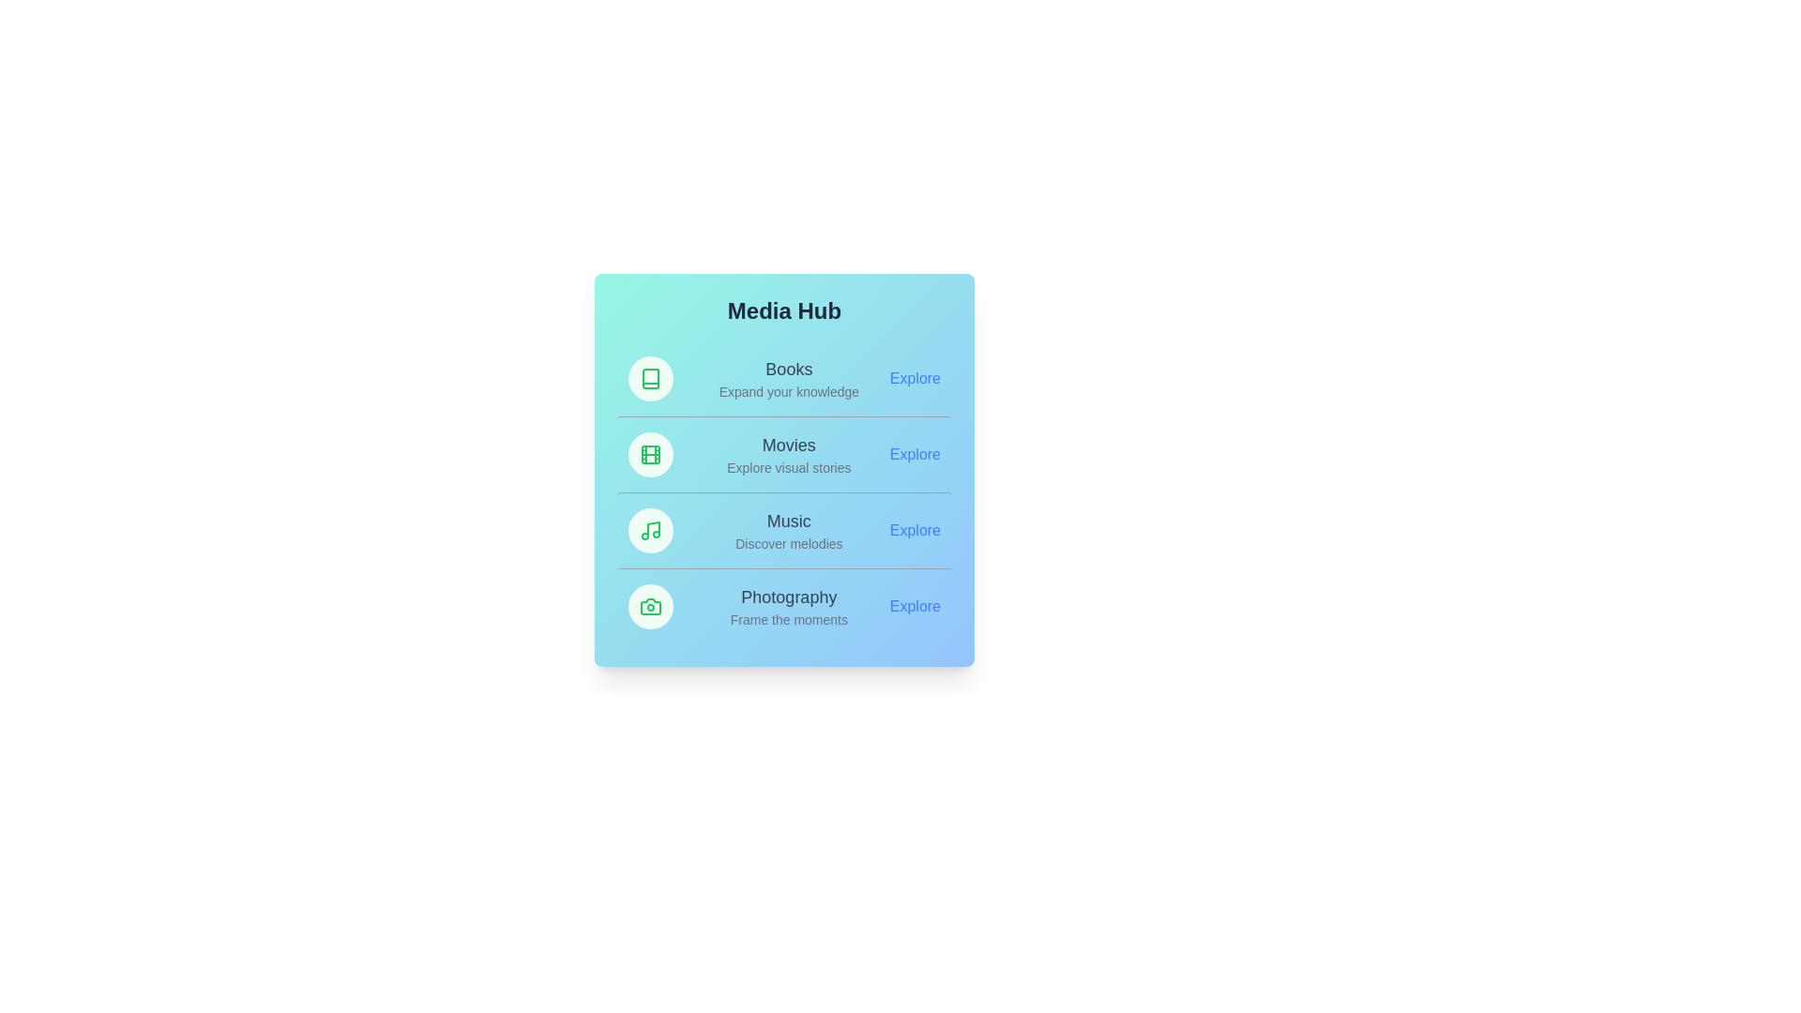  Describe the element at coordinates (651, 379) in the screenshot. I see `the icon of the Books category` at that location.